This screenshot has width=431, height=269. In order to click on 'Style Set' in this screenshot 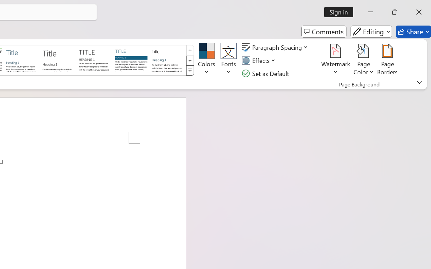, I will do `click(190, 71)`.